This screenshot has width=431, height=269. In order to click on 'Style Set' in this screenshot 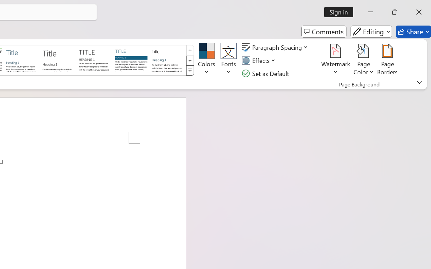, I will do `click(190, 71)`.